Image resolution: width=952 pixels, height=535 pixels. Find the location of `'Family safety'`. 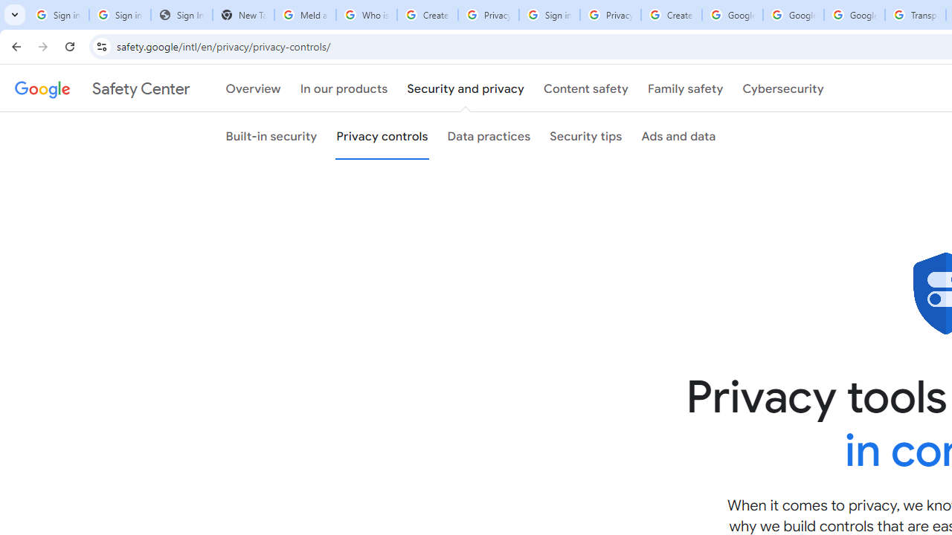

'Family safety' is located at coordinates (684, 88).